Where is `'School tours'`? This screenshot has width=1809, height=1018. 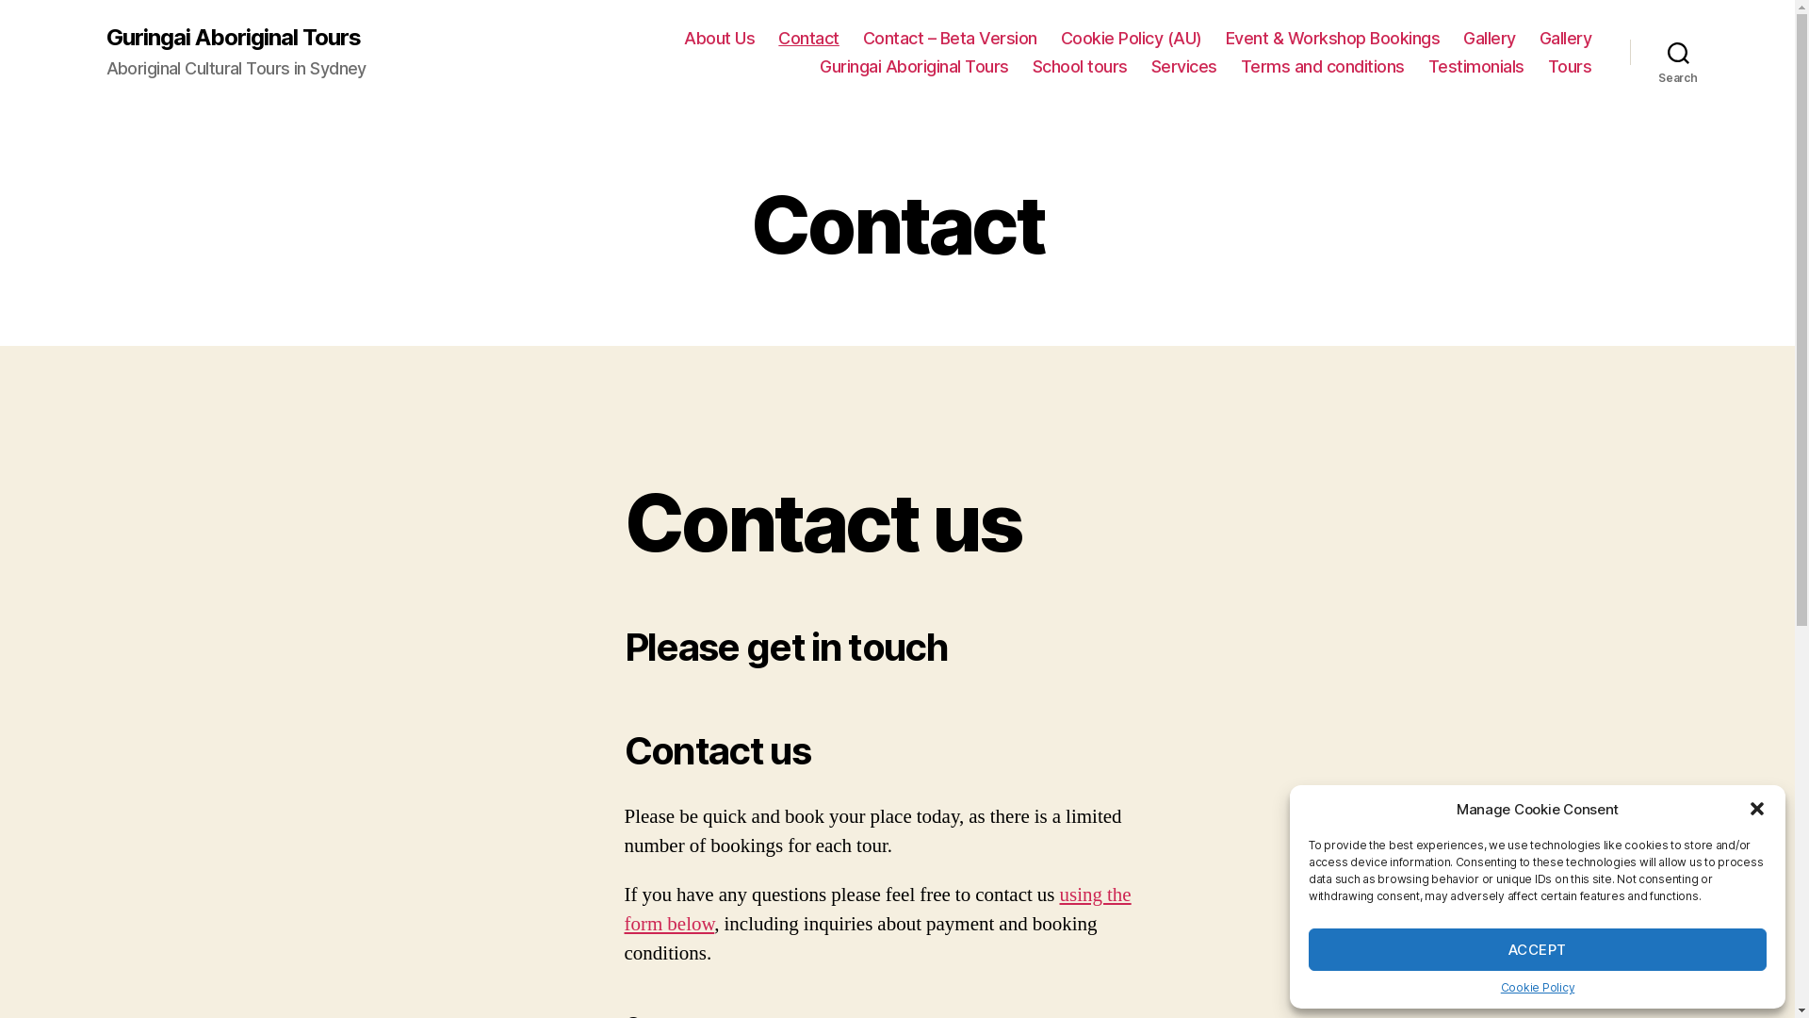 'School tours' is located at coordinates (1080, 65).